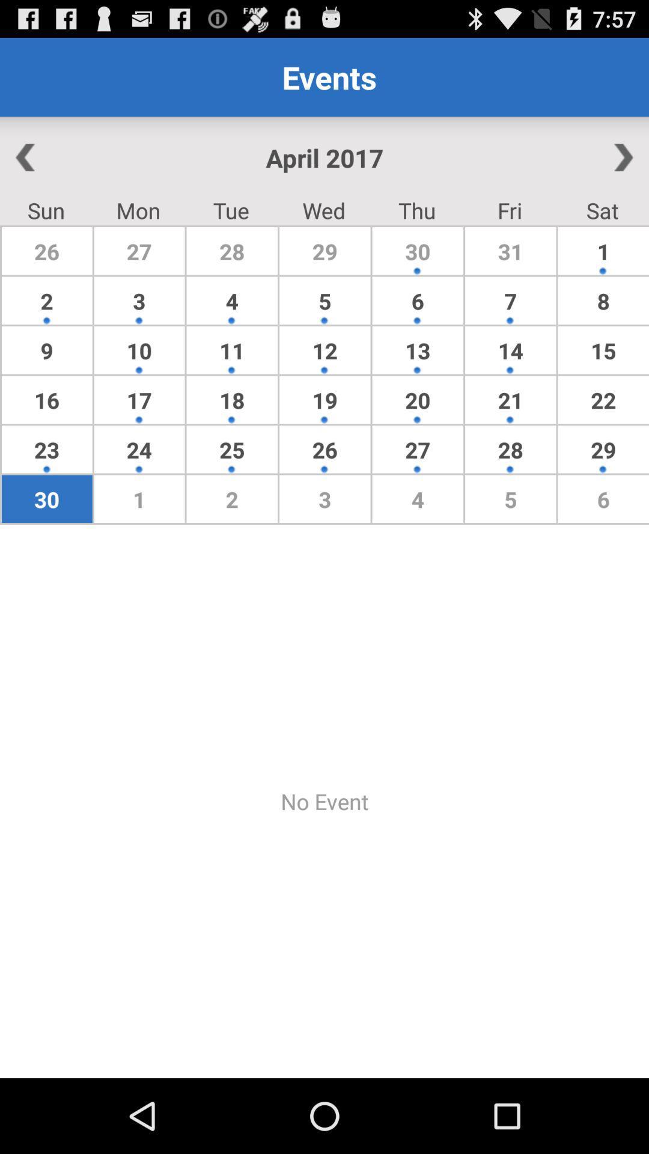 Image resolution: width=649 pixels, height=1154 pixels. Describe the element at coordinates (324, 801) in the screenshot. I see `app below the 30 app` at that location.